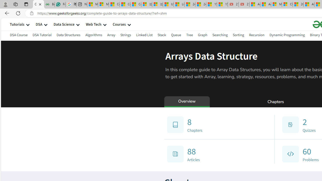 The height and width of the screenshot is (181, 322). Describe the element at coordinates (111, 35) in the screenshot. I see `'Array'` at that location.